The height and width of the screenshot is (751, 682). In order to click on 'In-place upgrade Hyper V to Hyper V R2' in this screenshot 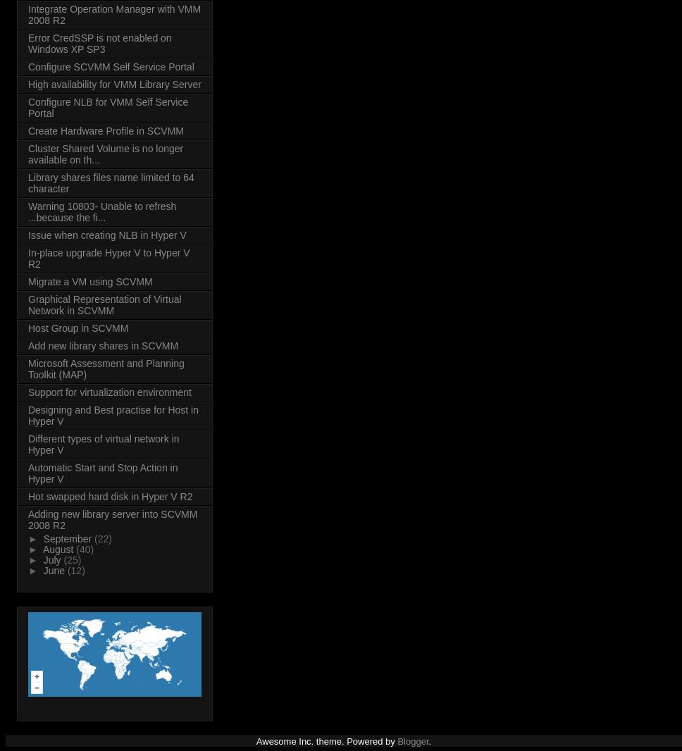, I will do `click(108, 259)`.